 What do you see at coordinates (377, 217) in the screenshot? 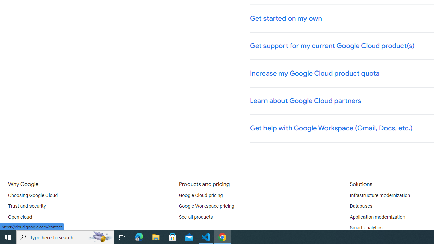
I see `'Application modernization'` at bounding box center [377, 217].